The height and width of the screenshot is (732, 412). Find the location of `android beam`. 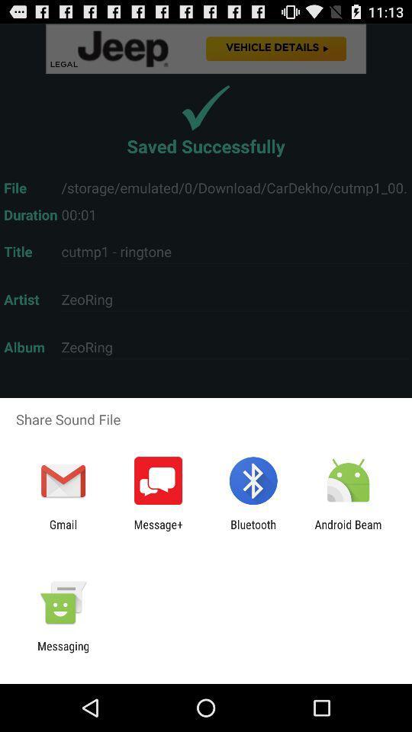

android beam is located at coordinates (348, 531).